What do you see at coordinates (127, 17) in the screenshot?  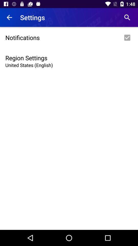 I see `the icon above notifications icon` at bounding box center [127, 17].